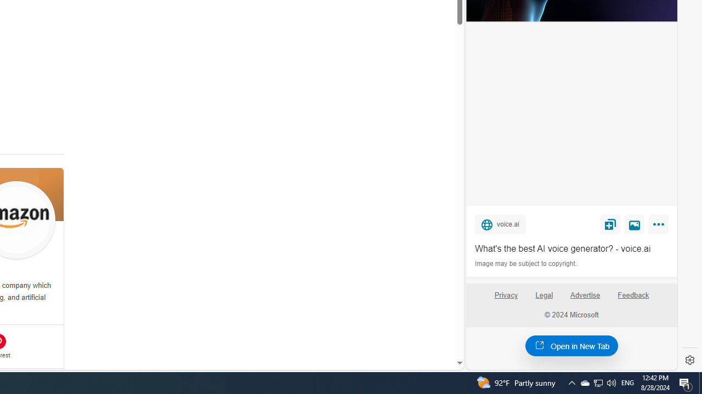 This screenshot has height=394, width=702. I want to click on 'Advertise', so click(585, 299).